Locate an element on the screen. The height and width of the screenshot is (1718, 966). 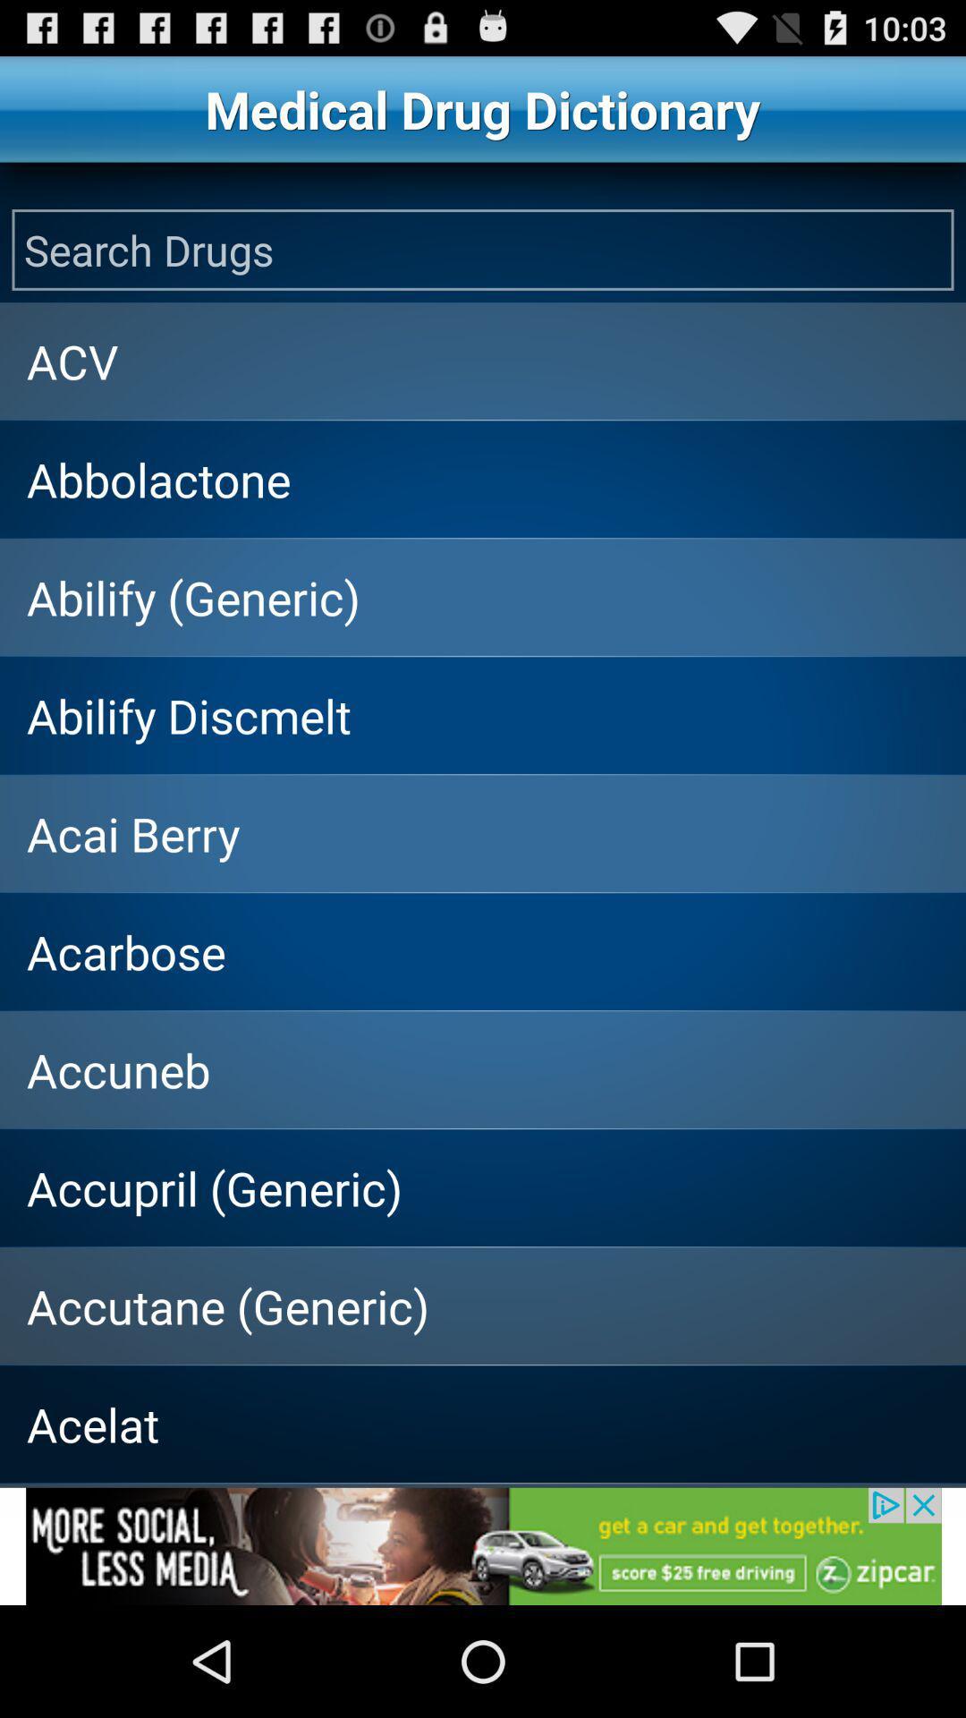
search drugs is located at coordinates (483, 249).